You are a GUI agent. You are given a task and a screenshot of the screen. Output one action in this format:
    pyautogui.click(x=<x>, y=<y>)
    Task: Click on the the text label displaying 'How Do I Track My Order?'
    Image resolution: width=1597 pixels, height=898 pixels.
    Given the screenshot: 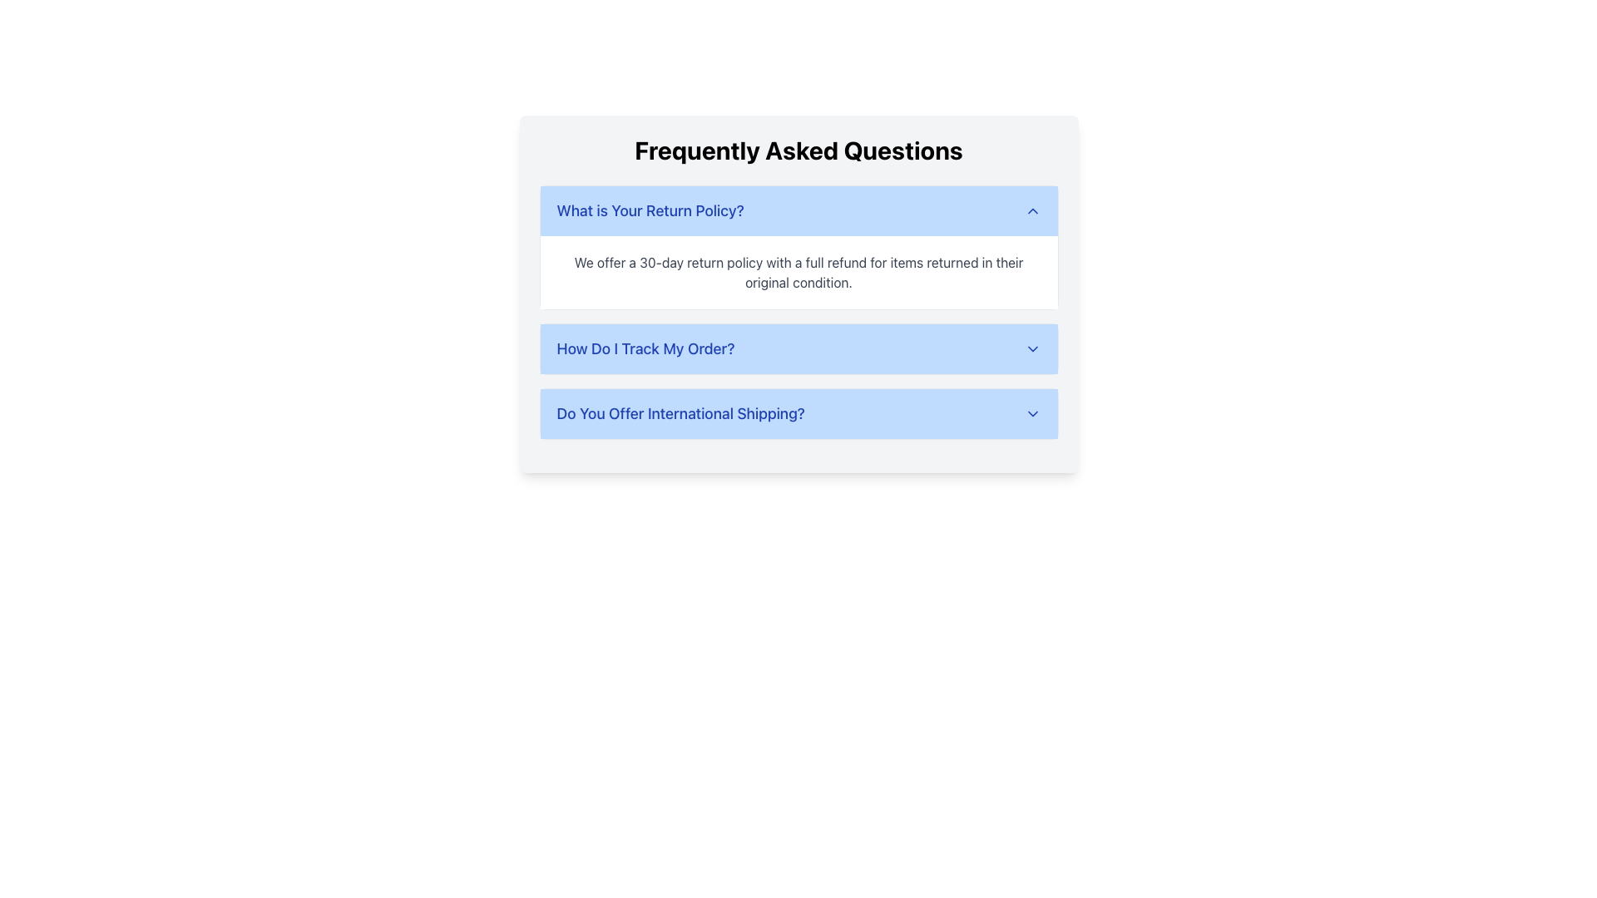 What is the action you would take?
    pyautogui.click(x=645, y=348)
    